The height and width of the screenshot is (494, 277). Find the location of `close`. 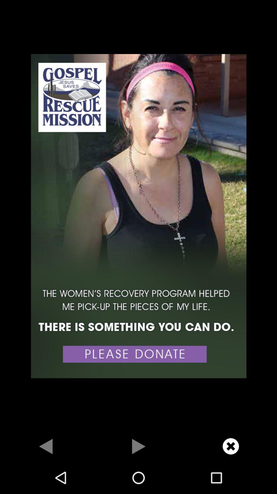

close is located at coordinates (230, 446).